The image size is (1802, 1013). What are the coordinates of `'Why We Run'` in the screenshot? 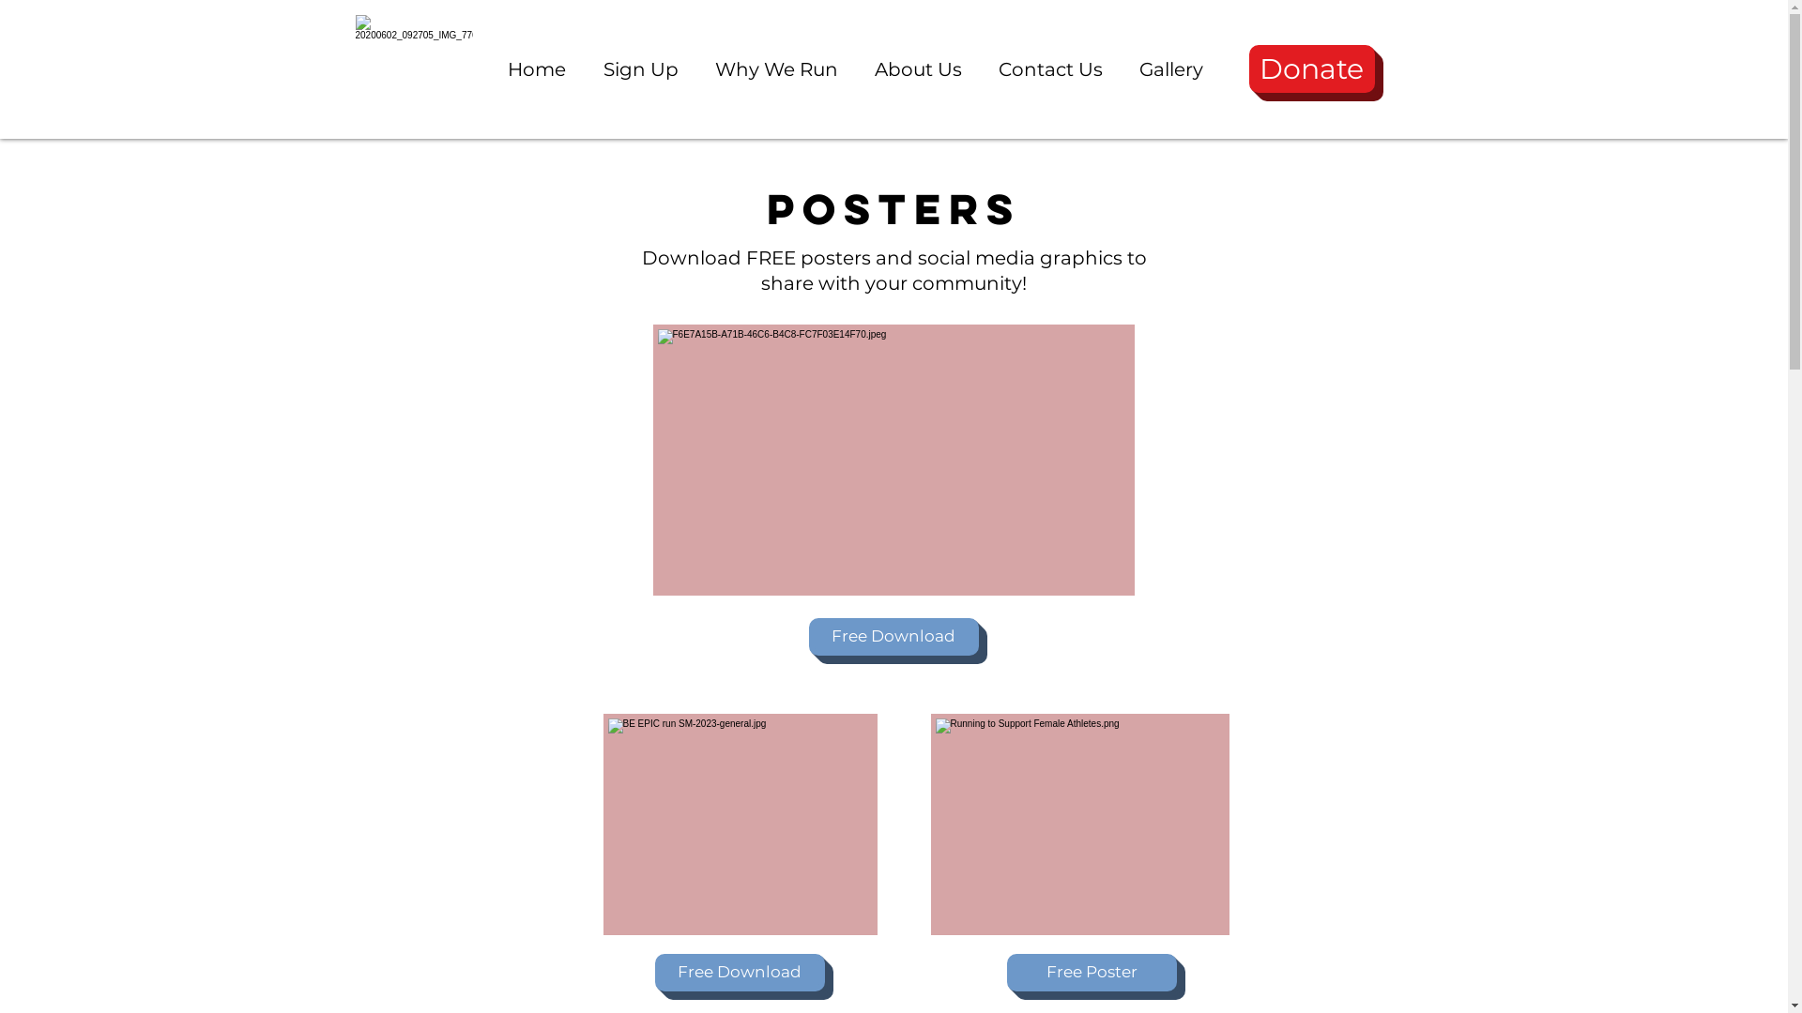 It's located at (779, 57).